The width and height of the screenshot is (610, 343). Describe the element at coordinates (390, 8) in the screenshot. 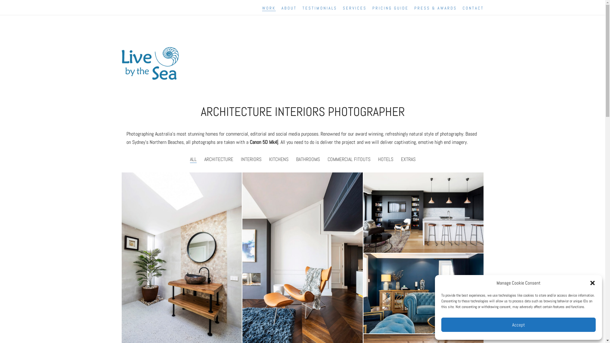

I see `'PRICING GUIDE'` at that location.